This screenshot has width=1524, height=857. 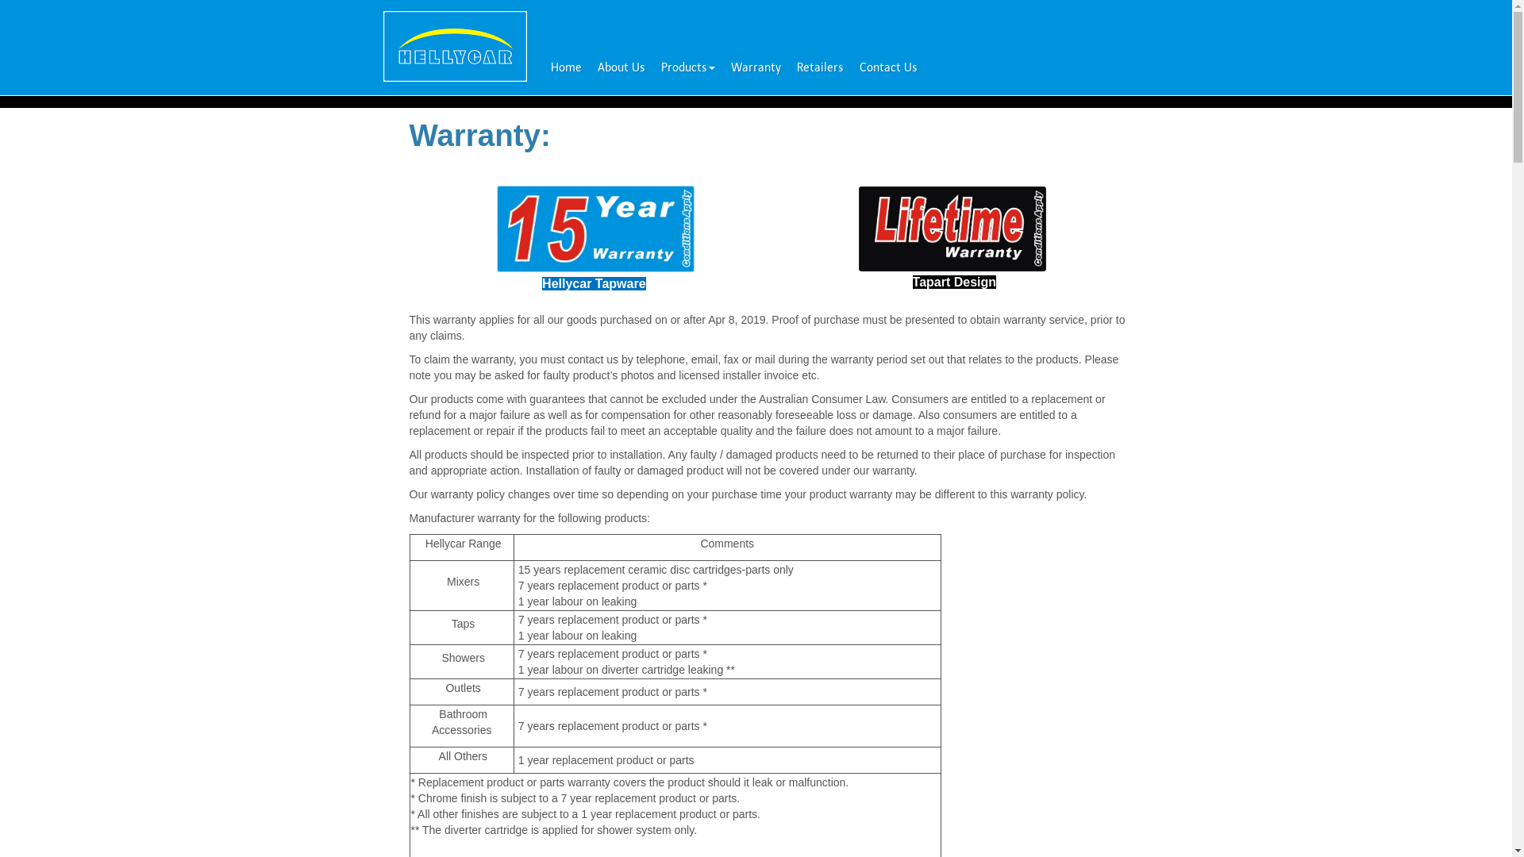 I want to click on 'Home', so click(x=566, y=66).